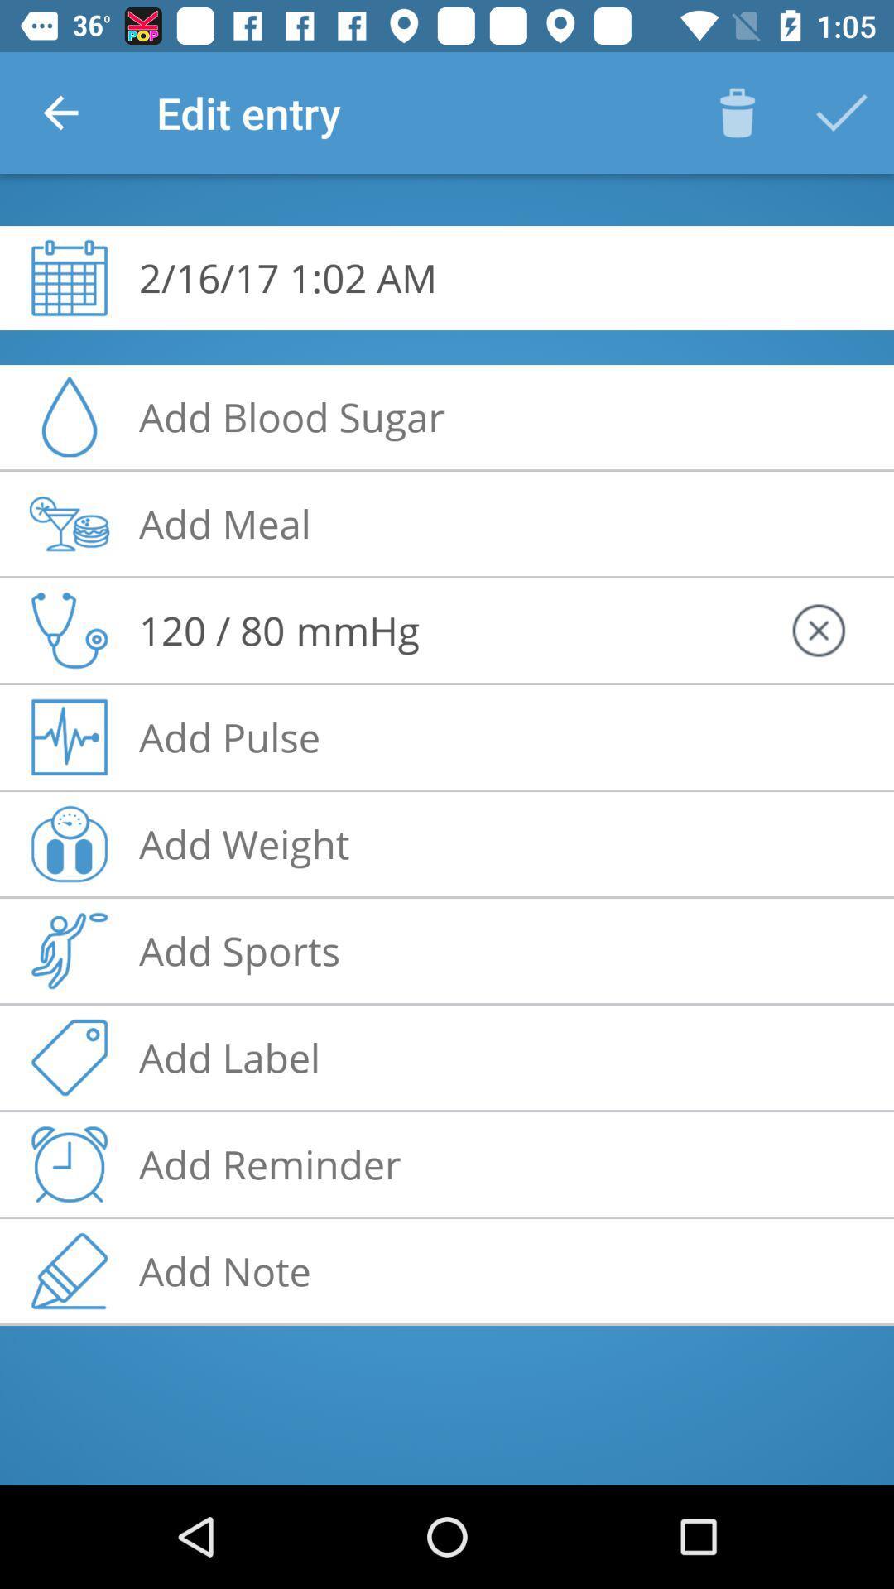 This screenshot has height=1589, width=894. What do you see at coordinates (60, 112) in the screenshot?
I see `the item next to edit entry item` at bounding box center [60, 112].